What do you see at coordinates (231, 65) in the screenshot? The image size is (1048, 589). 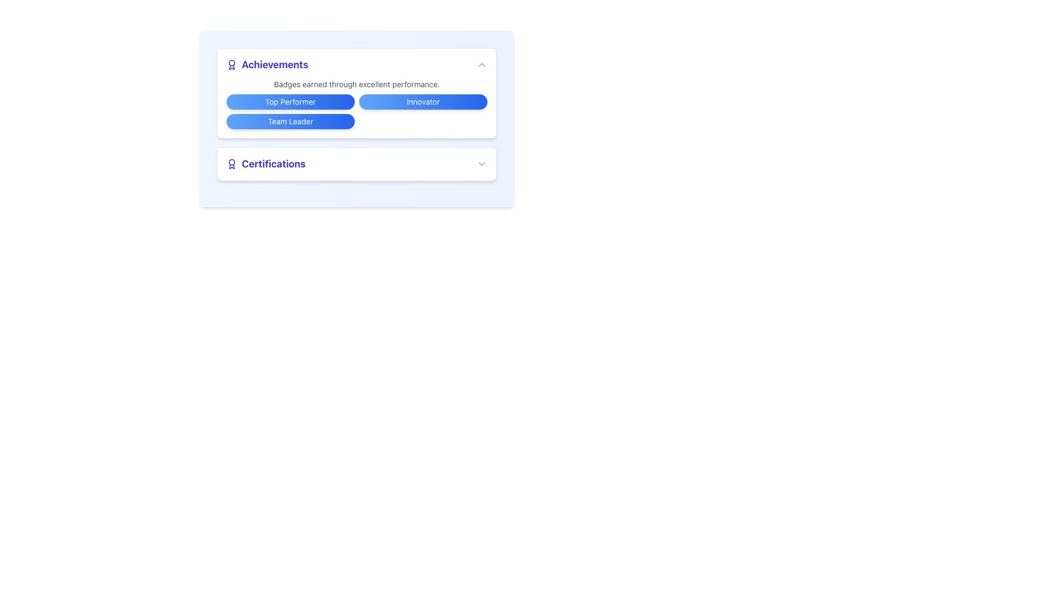 I see `the award icon located to the left of the 'Achievements' text in the header section of the 'Achievements' card` at bounding box center [231, 65].